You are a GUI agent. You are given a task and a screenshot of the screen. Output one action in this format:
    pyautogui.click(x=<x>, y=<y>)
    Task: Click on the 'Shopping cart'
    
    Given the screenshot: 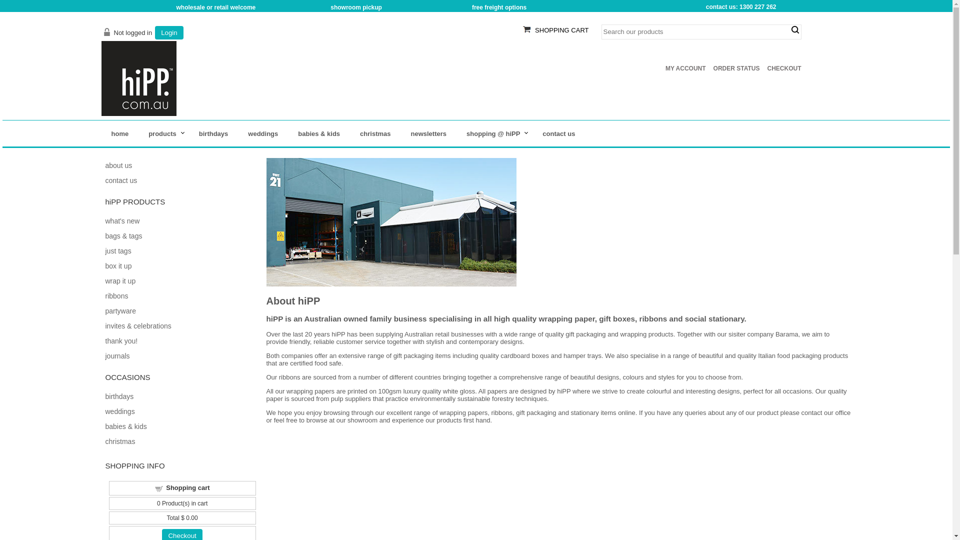 What is the action you would take?
    pyautogui.click(x=187, y=487)
    